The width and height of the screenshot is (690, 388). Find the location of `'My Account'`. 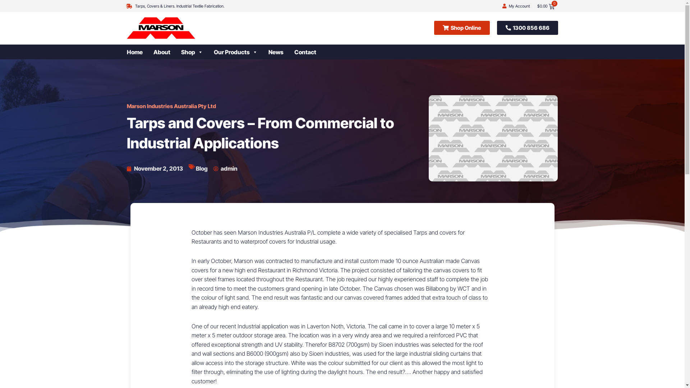

'My Account' is located at coordinates (509, 6).